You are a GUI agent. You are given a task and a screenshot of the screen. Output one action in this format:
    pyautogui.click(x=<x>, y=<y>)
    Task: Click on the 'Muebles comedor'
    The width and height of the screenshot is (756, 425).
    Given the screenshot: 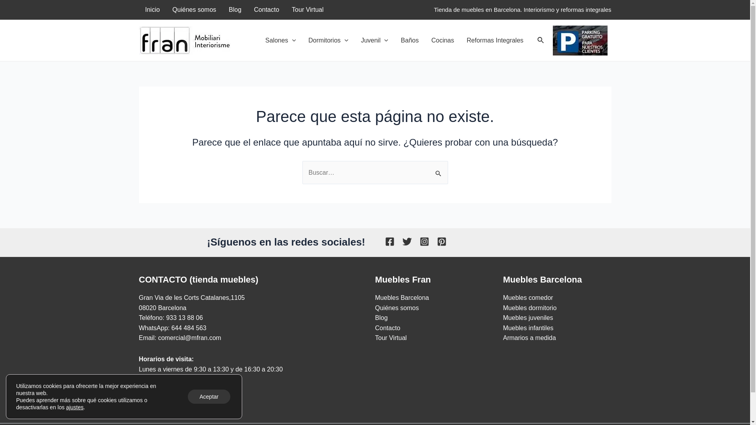 What is the action you would take?
    pyautogui.click(x=528, y=297)
    